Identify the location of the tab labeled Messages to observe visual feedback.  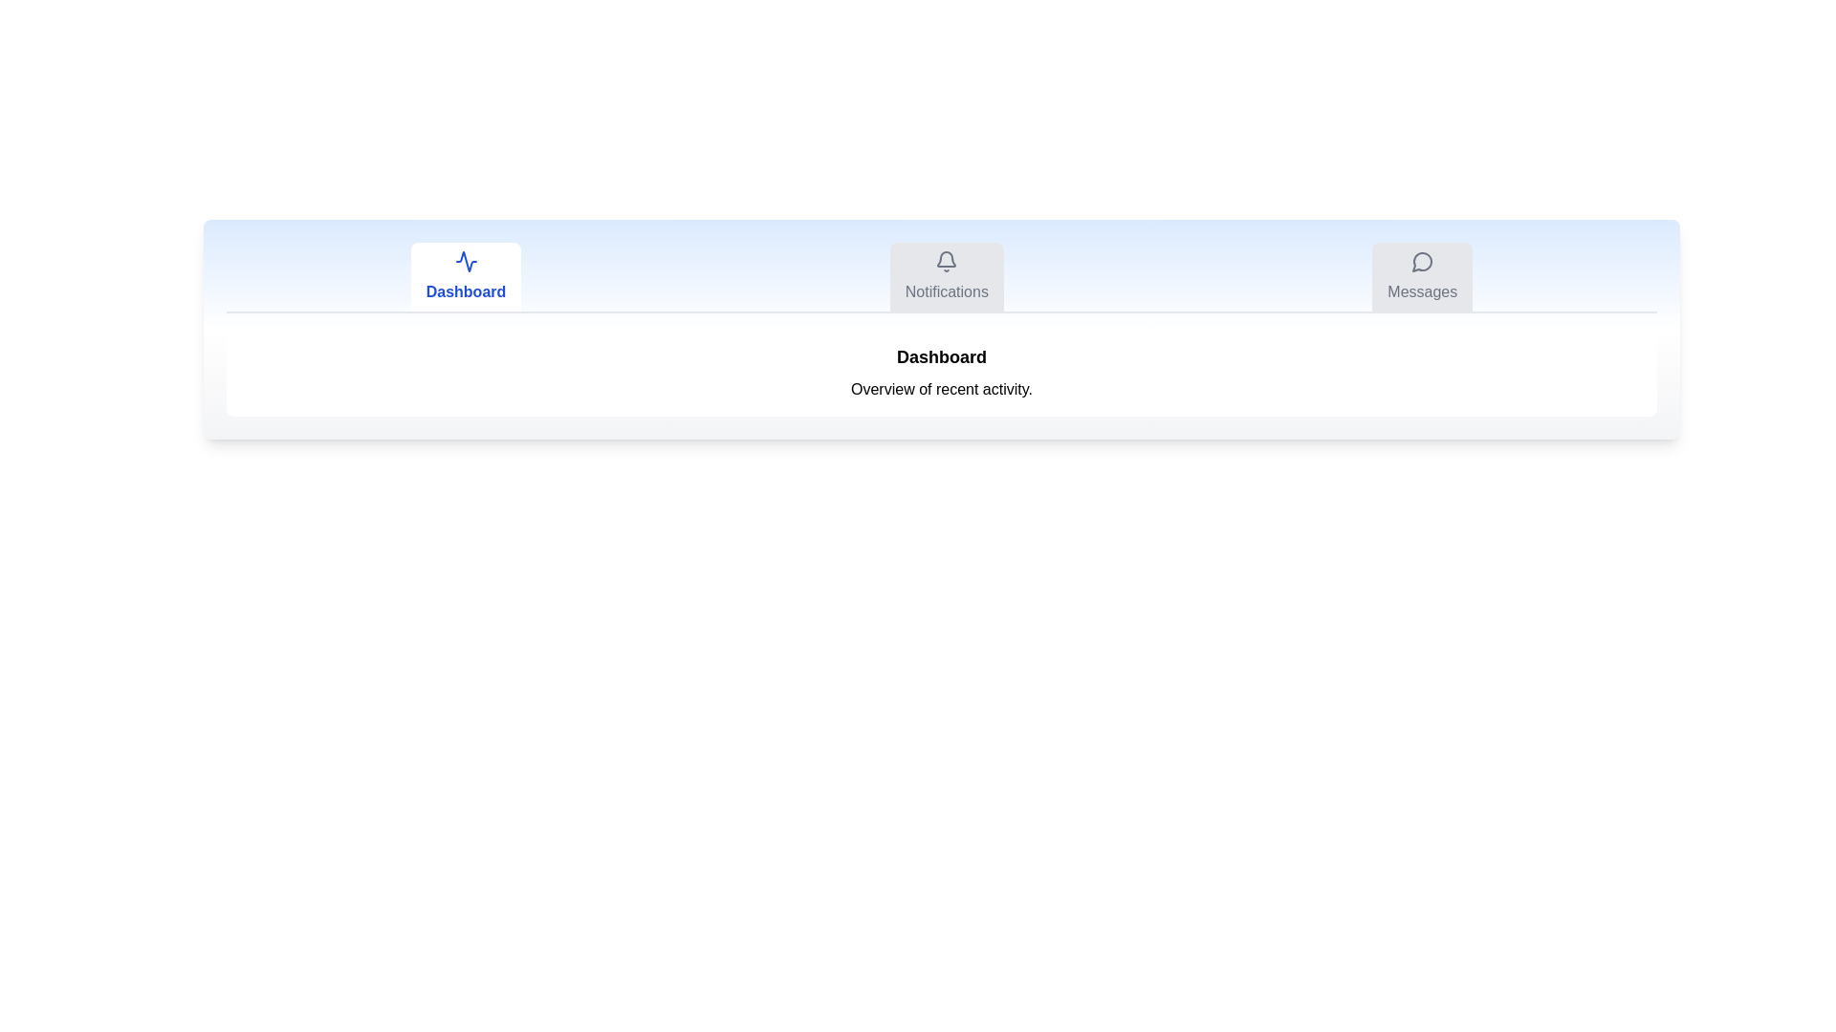
(1422, 276).